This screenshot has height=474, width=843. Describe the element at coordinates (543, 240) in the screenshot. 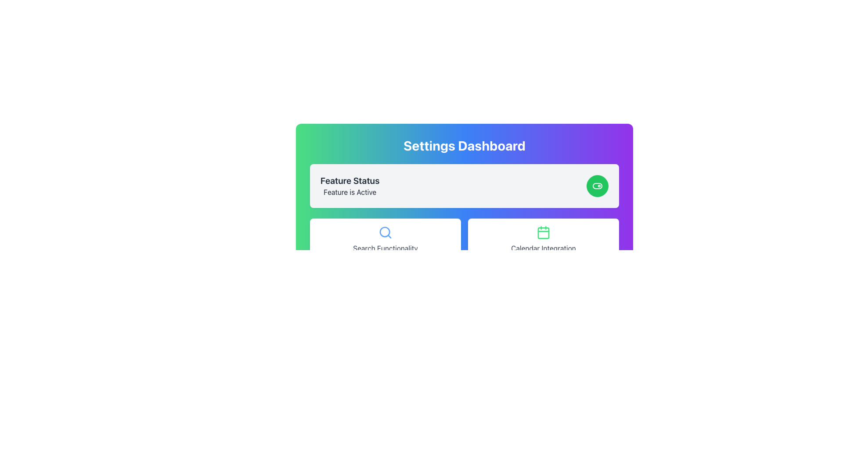

I see `the 'Calendar Integration' feature card located in the bottom right quadrant of the 'Settings Dashboard'` at that location.